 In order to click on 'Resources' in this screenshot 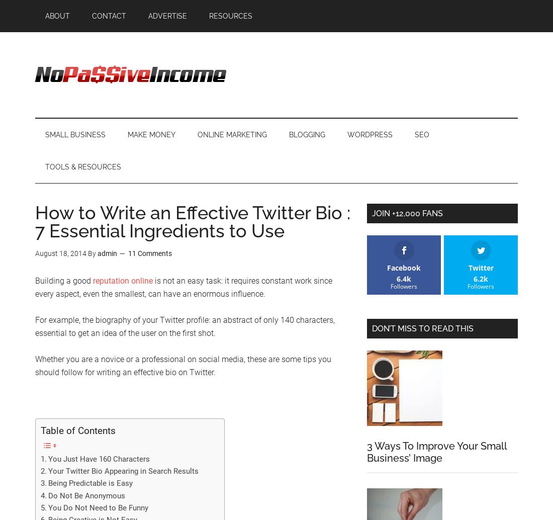, I will do `click(230, 16)`.